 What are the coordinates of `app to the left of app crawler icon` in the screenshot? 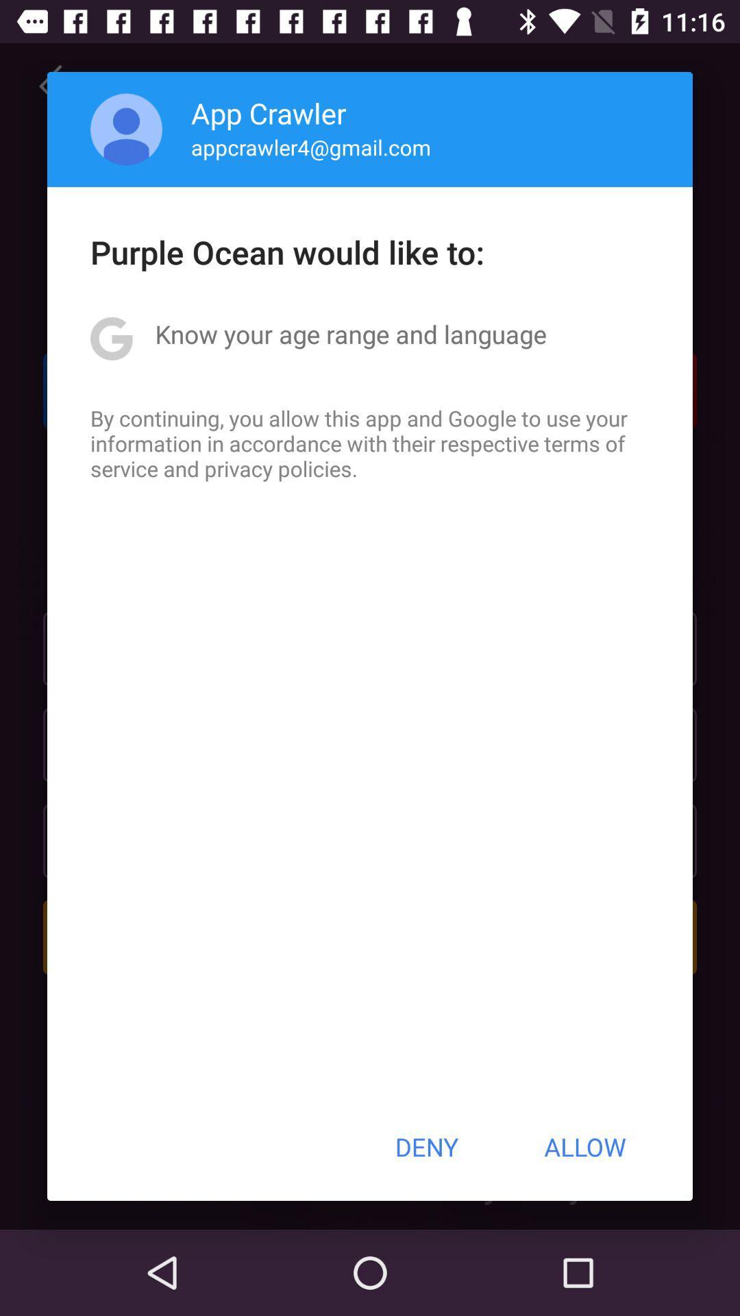 It's located at (126, 129).